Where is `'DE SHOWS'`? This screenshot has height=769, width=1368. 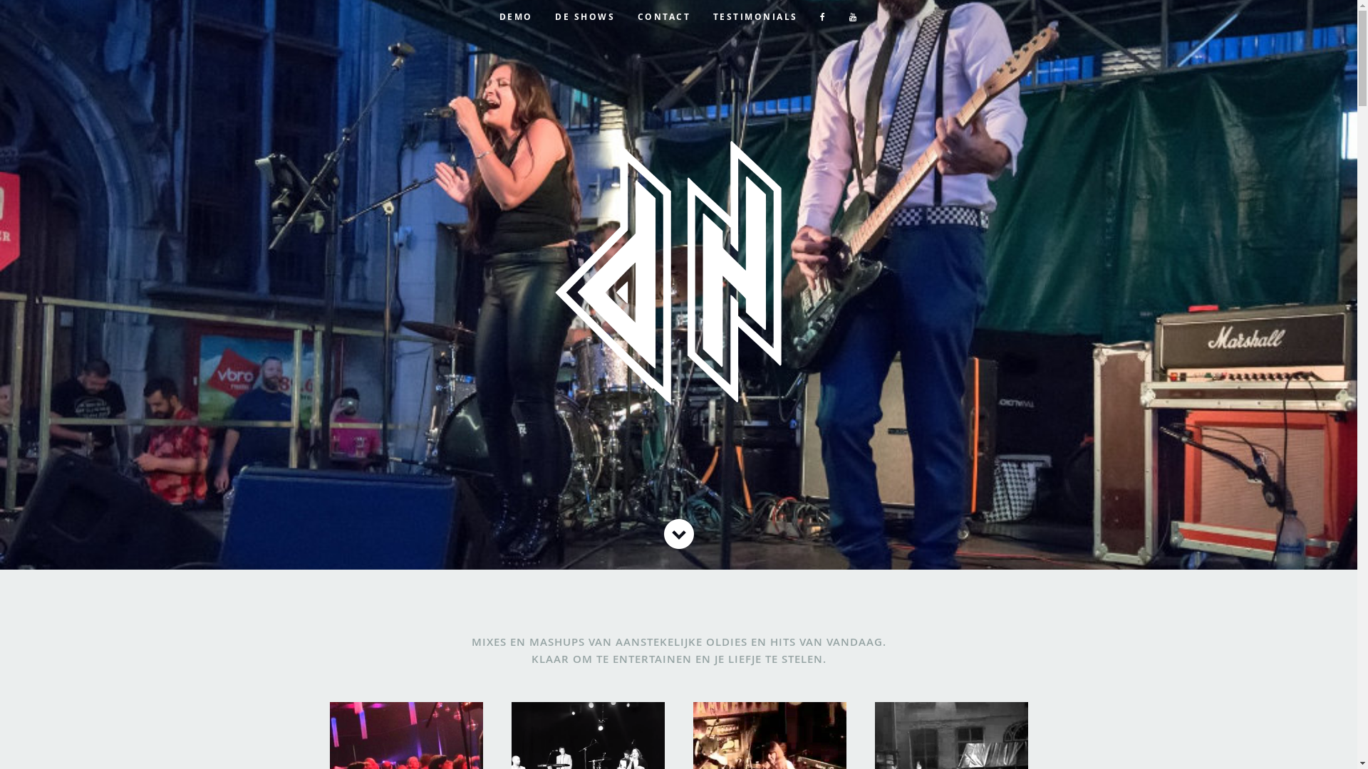
'DE SHOWS' is located at coordinates (545, 16).